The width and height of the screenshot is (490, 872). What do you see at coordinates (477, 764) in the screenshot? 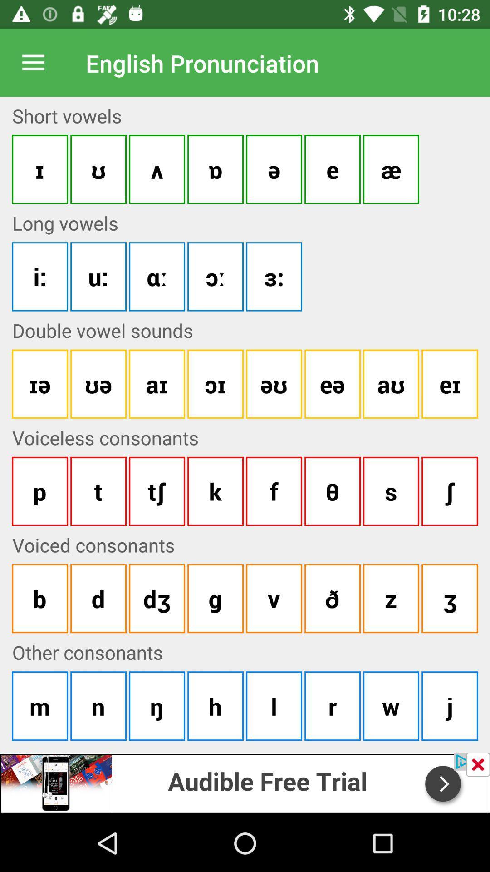
I see `the close icon` at bounding box center [477, 764].